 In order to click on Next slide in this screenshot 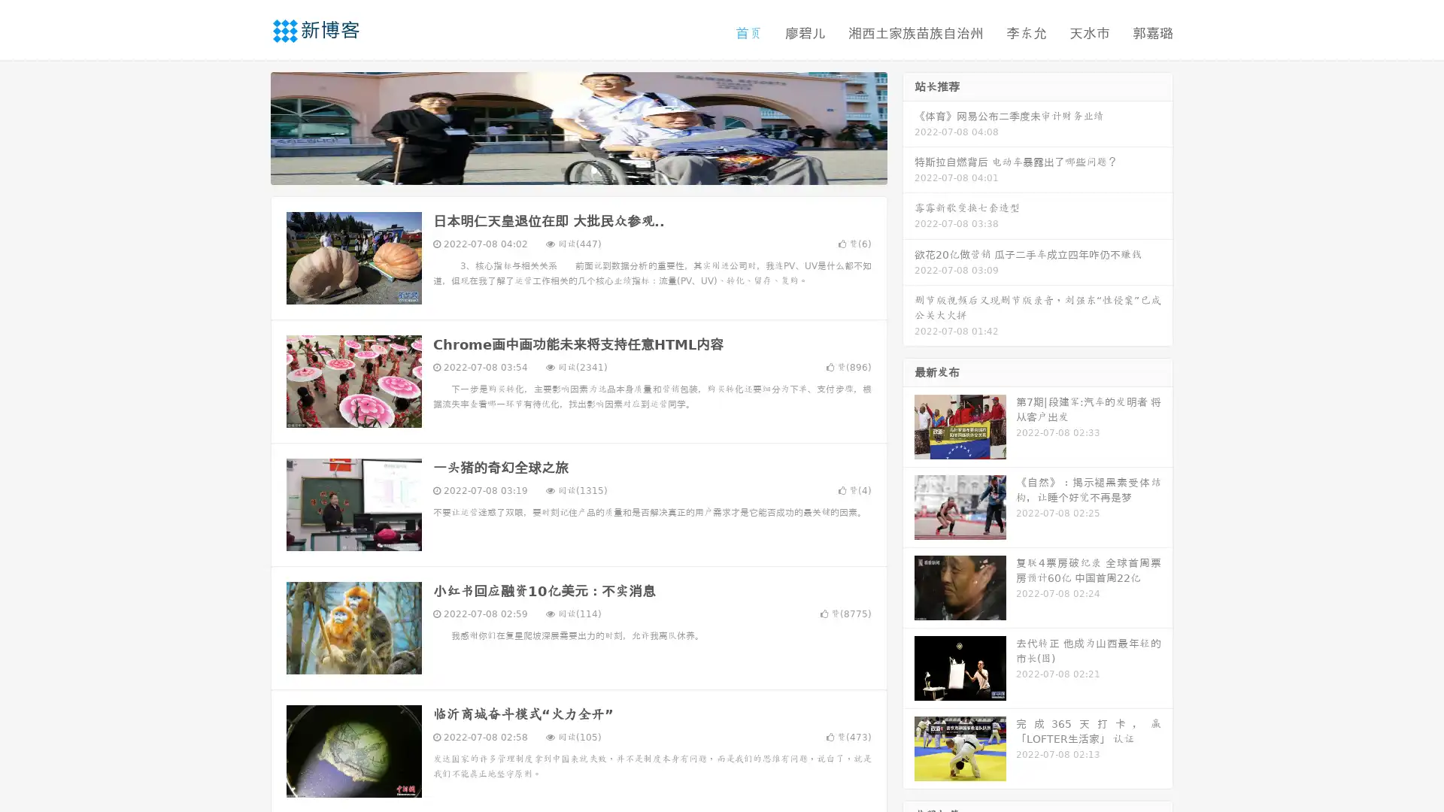, I will do `click(909, 126)`.